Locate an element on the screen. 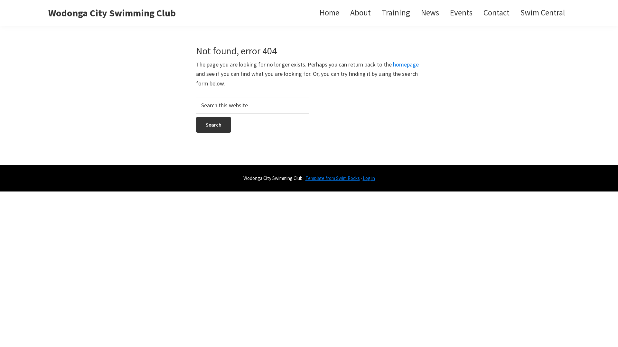  'About' is located at coordinates (360, 13).